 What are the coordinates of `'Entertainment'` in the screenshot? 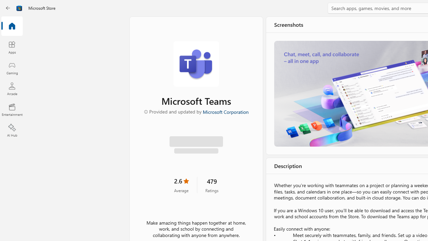 It's located at (12, 109).